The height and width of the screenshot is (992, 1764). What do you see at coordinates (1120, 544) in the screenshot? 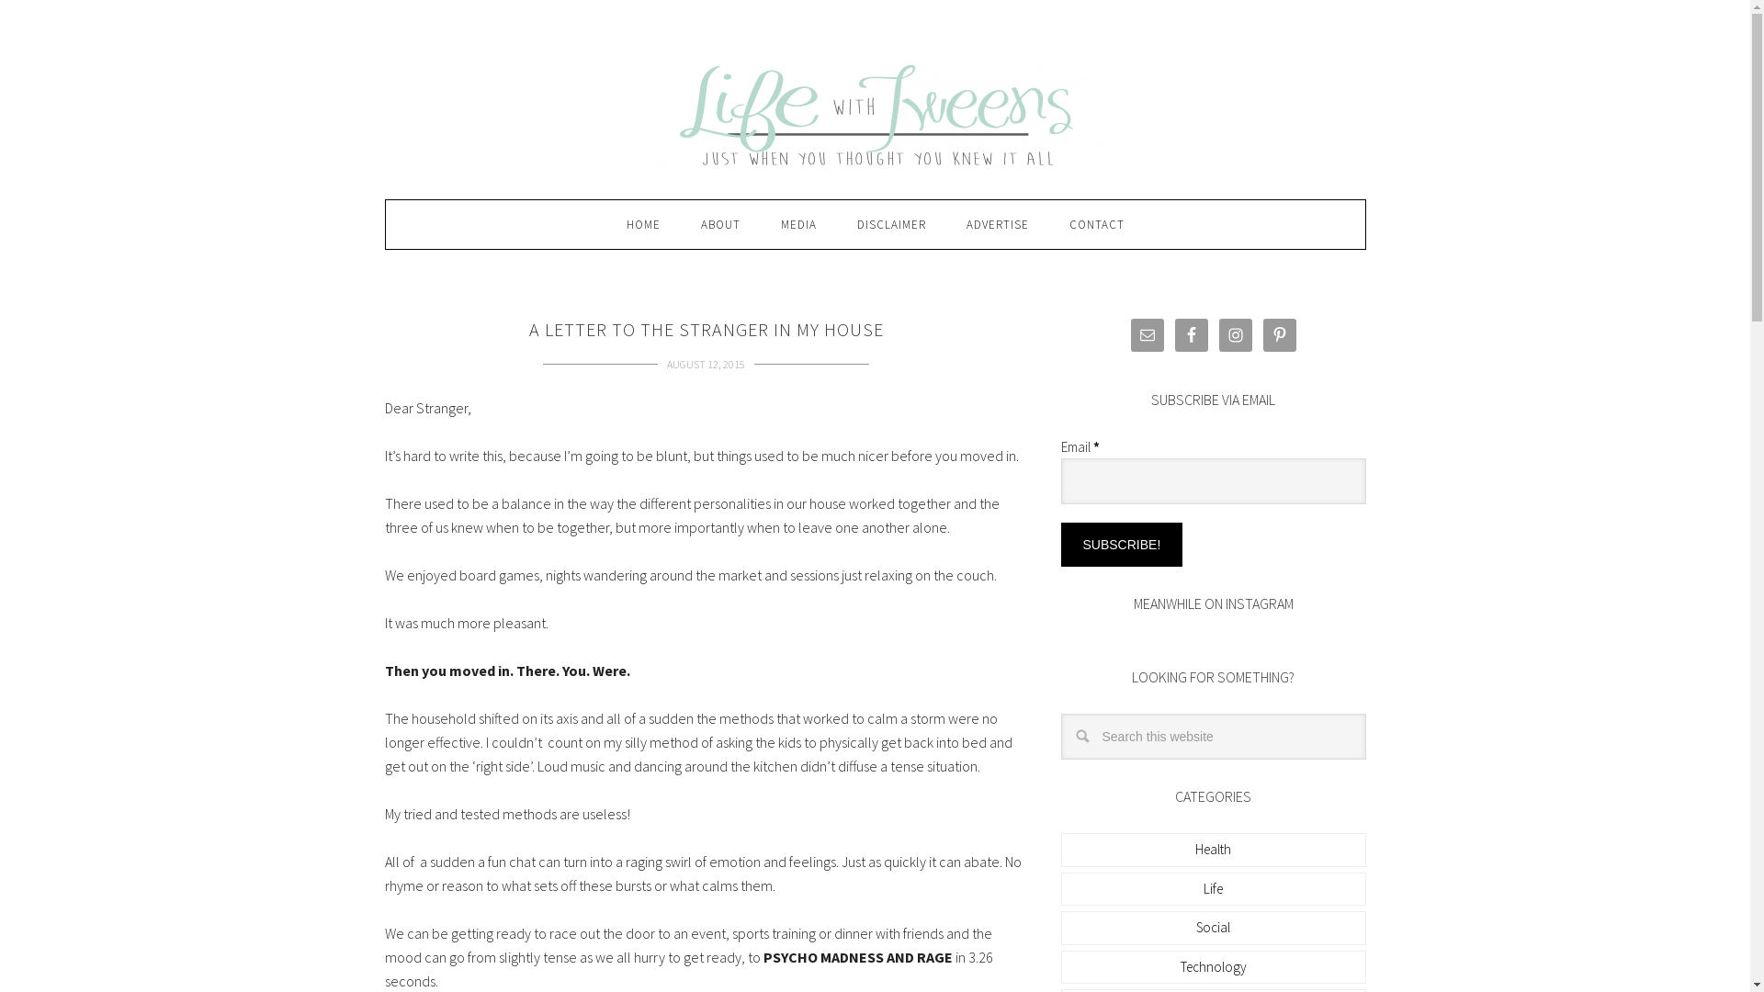
I see `'Subscribe!'` at bounding box center [1120, 544].